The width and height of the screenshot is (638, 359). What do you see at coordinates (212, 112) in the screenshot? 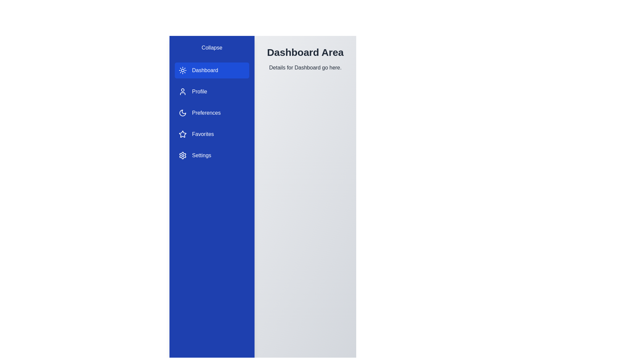
I see `the Preferences section in the sidebar to navigate to it` at bounding box center [212, 112].